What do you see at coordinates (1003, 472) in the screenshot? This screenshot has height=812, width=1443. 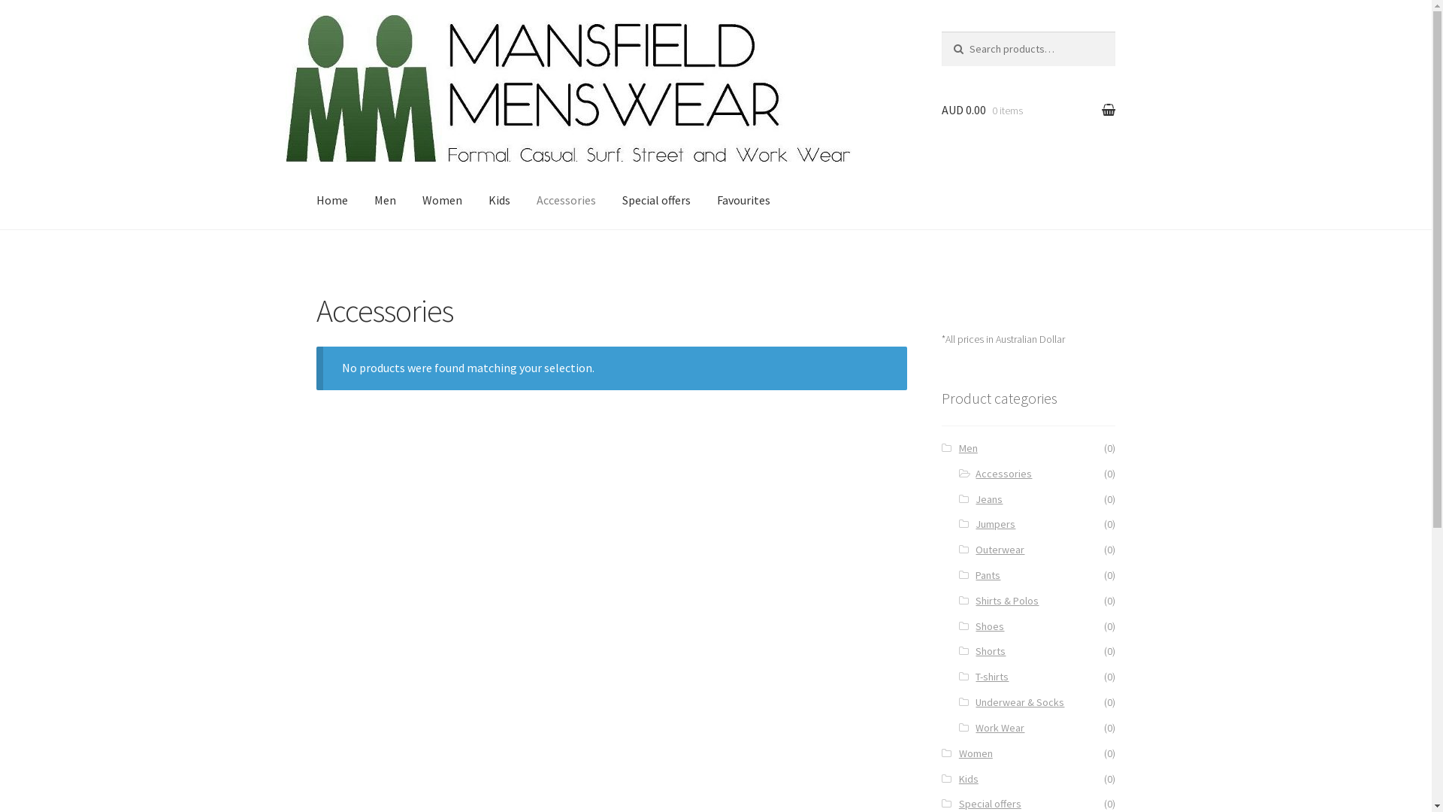 I see `'Accessories'` at bounding box center [1003, 472].